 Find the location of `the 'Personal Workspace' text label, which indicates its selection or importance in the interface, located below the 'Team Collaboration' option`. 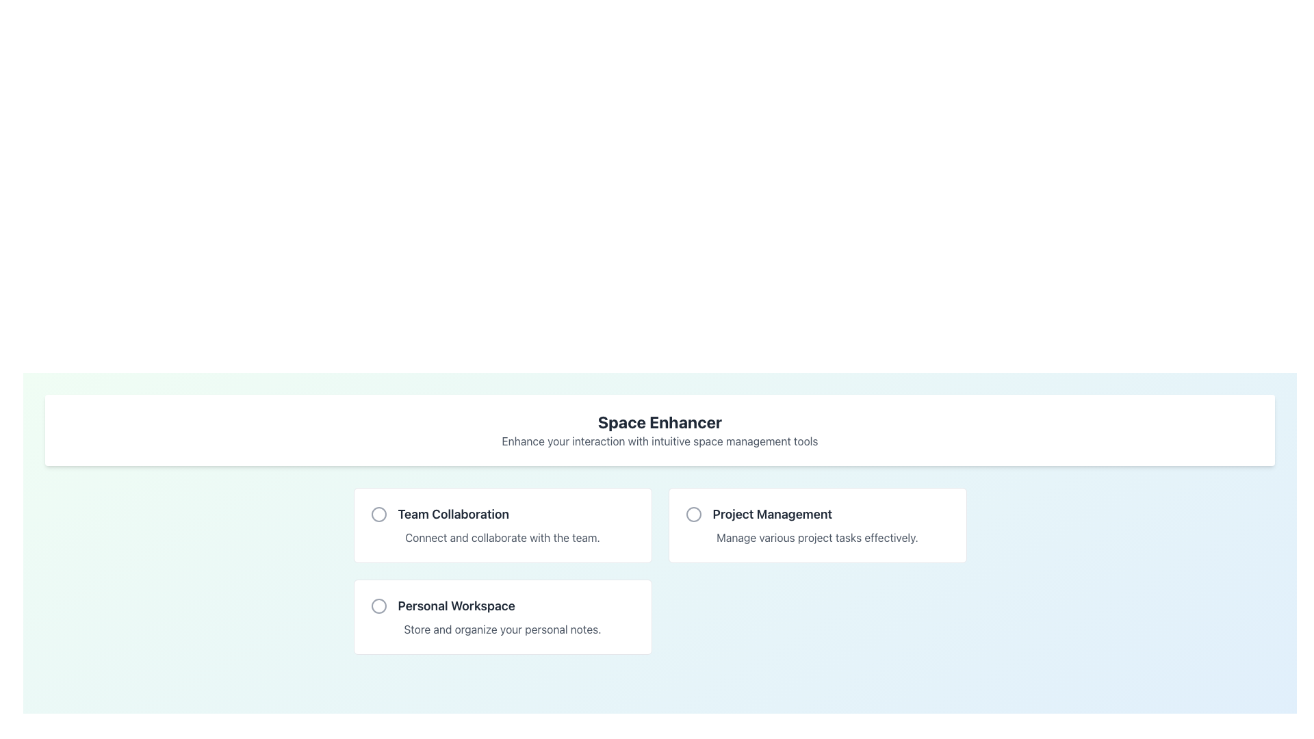

the 'Personal Workspace' text label, which indicates its selection or importance in the interface, located below the 'Team Collaboration' option is located at coordinates (456, 606).